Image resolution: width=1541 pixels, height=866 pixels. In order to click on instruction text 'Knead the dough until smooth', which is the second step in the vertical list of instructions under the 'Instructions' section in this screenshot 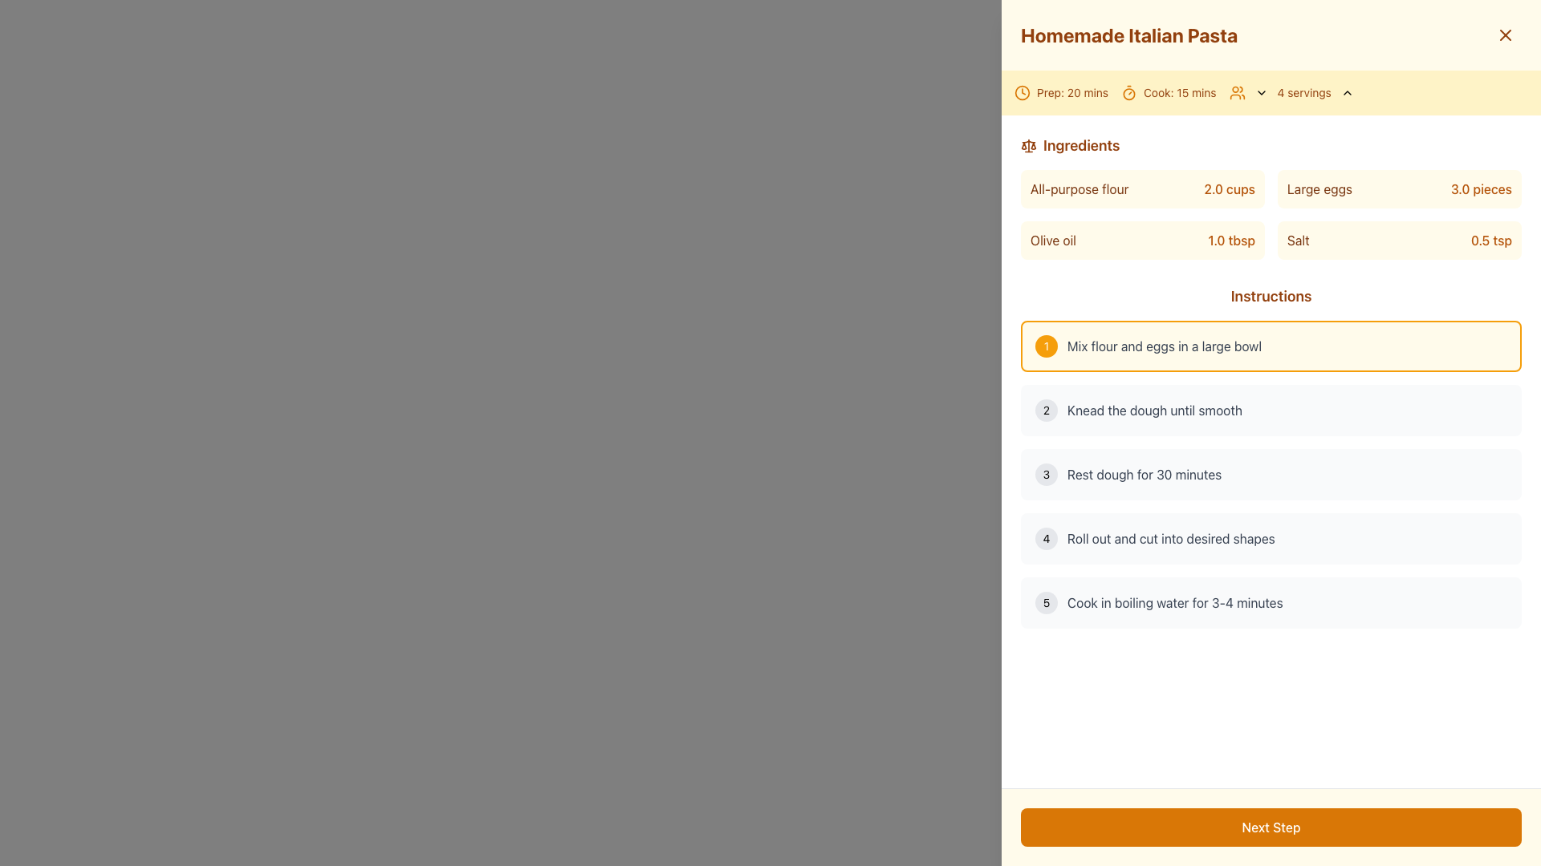, I will do `click(1154, 410)`.